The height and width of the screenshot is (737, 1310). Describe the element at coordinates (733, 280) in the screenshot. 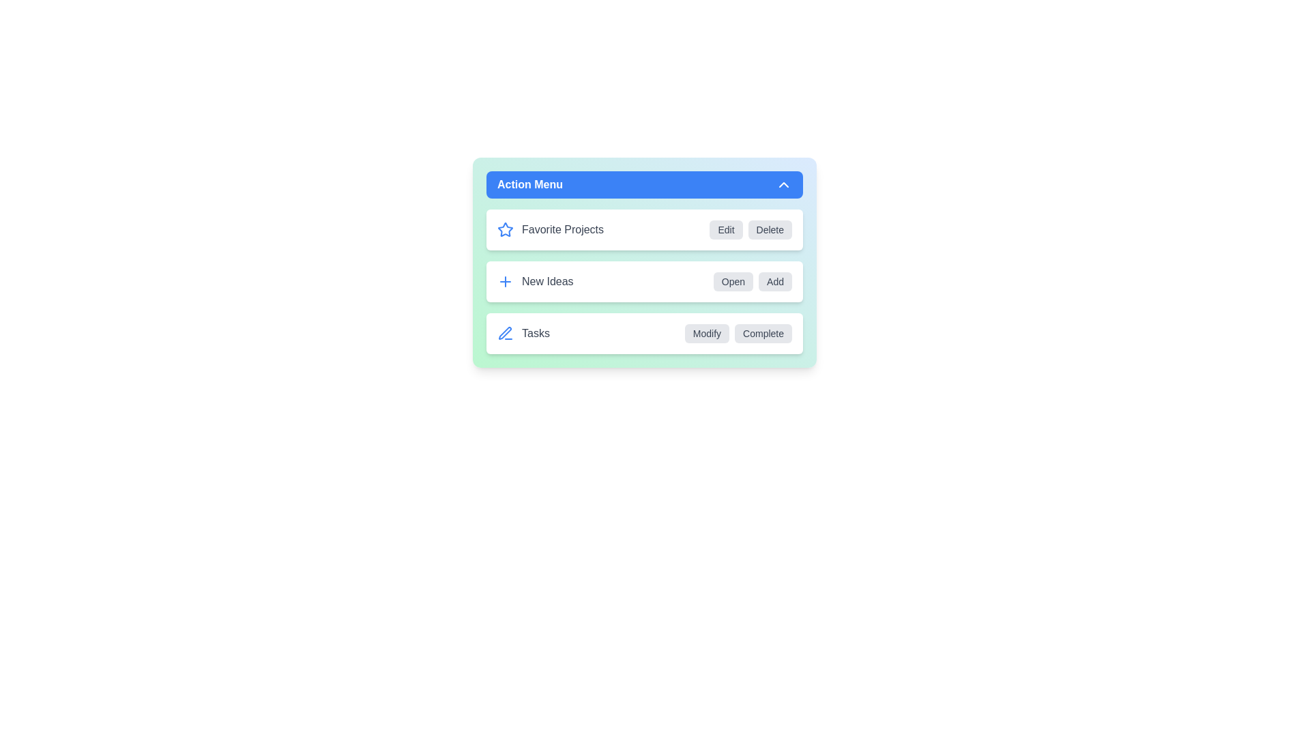

I see `the action button labeled Open for the item New Ideas` at that location.